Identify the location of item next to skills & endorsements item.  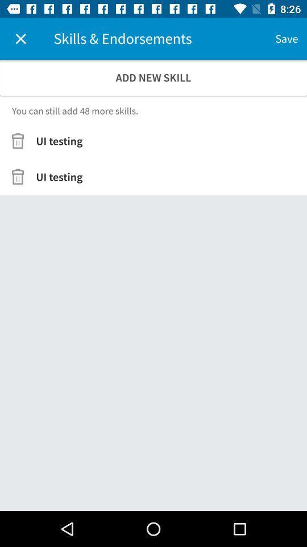
(286, 39).